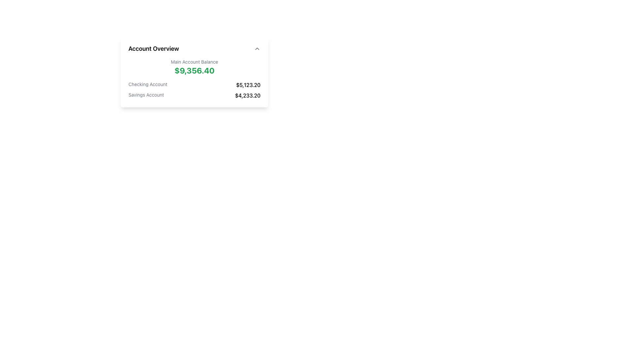  Describe the element at coordinates (153, 48) in the screenshot. I see `the 'Account Overview' text label, which is a bold, larger font text aligned at the top-left of the financial summary card` at that location.